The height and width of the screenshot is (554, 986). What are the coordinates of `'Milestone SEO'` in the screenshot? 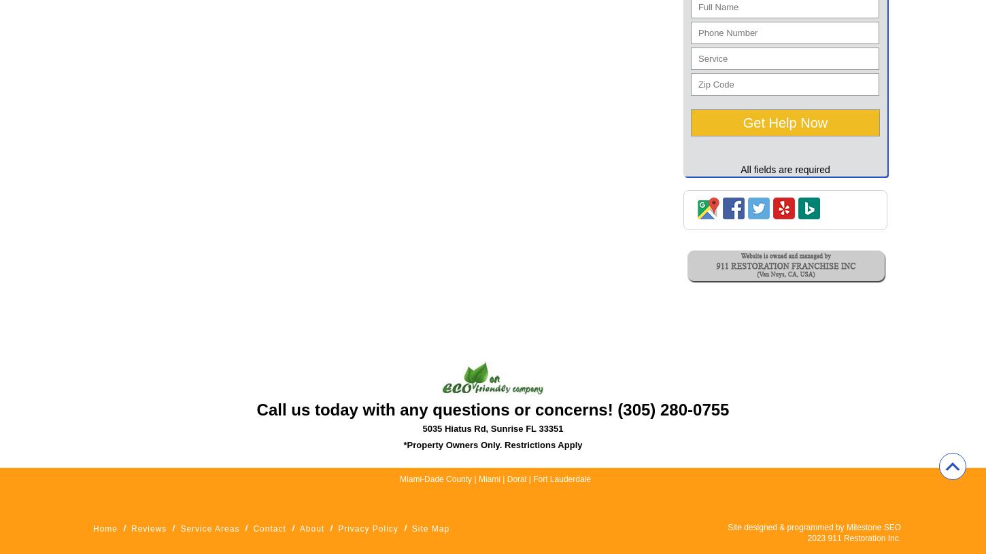 It's located at (873, 527).